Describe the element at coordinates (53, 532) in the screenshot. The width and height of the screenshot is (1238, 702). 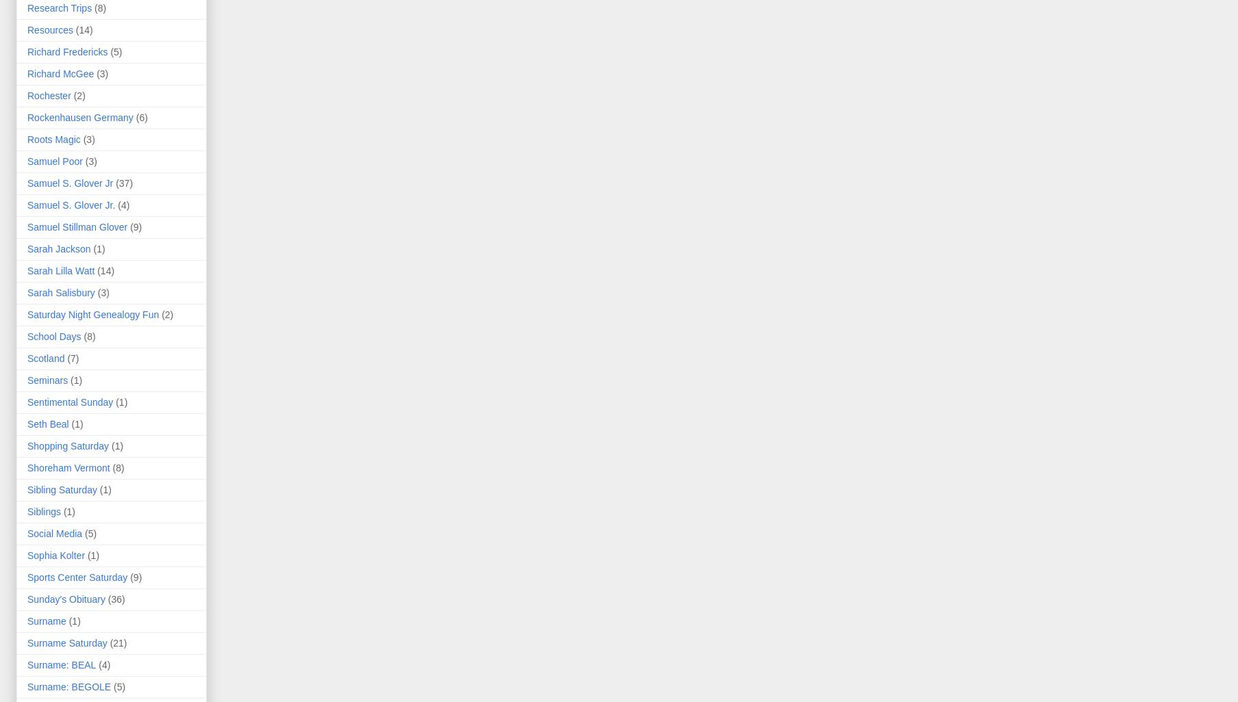
I see `'Social Media'` at that location.